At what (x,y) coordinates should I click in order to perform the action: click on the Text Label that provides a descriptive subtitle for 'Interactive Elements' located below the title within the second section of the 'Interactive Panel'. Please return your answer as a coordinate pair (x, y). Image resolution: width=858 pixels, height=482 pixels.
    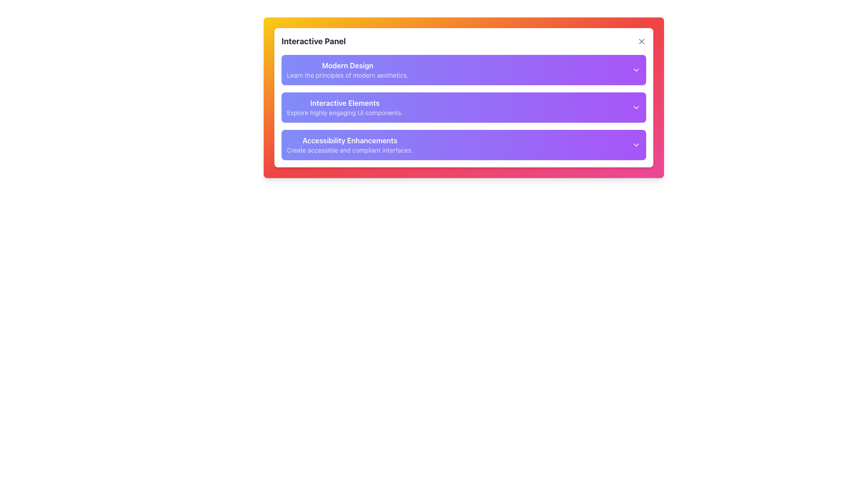
    Looking at the image, I should click on (345, 112).